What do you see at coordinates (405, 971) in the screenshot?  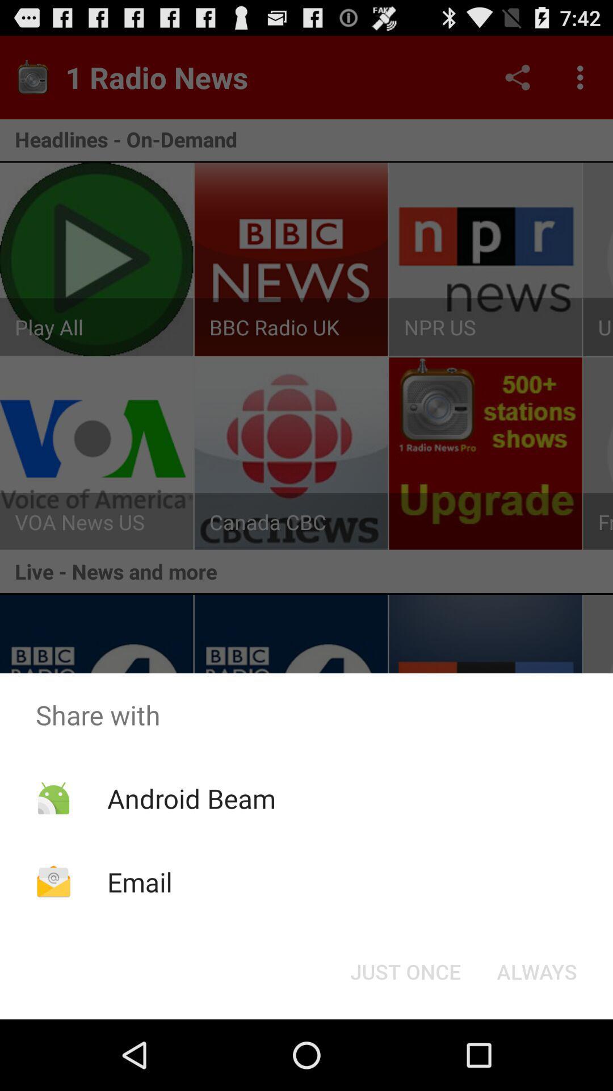 I see `the icon at the bottom` at bounding box center [405, 971].